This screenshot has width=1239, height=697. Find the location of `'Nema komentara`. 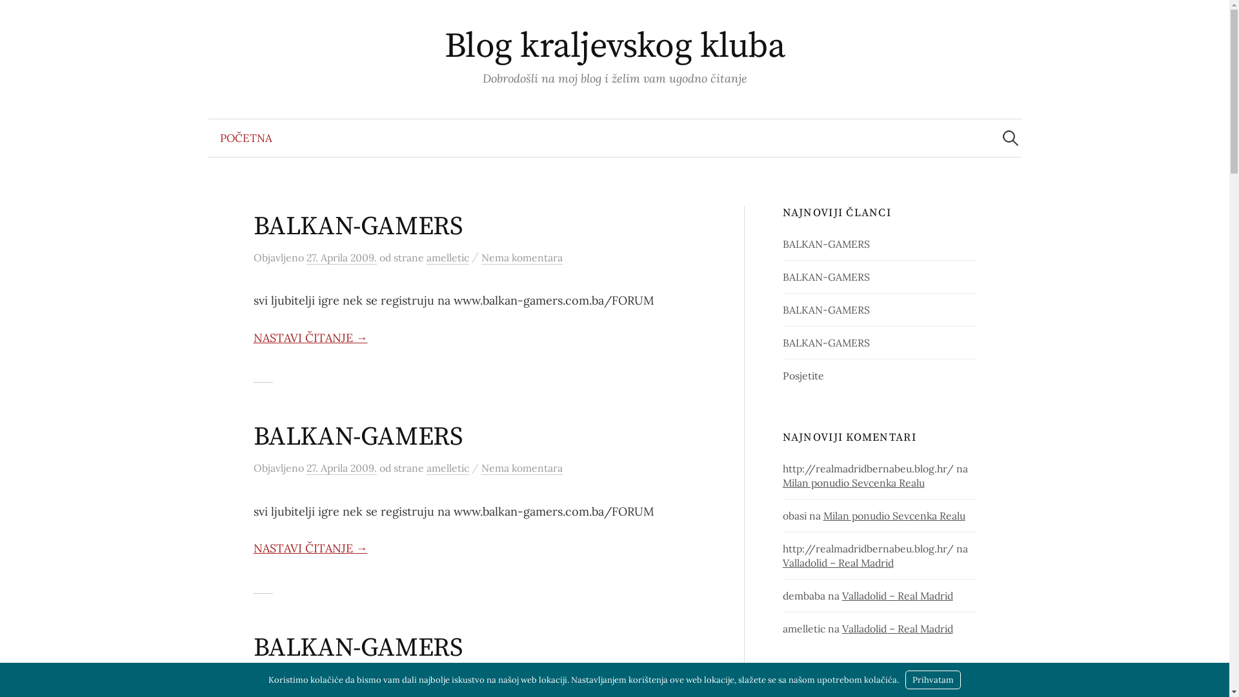

'Nema komentara is located at coordinates (522, 468).